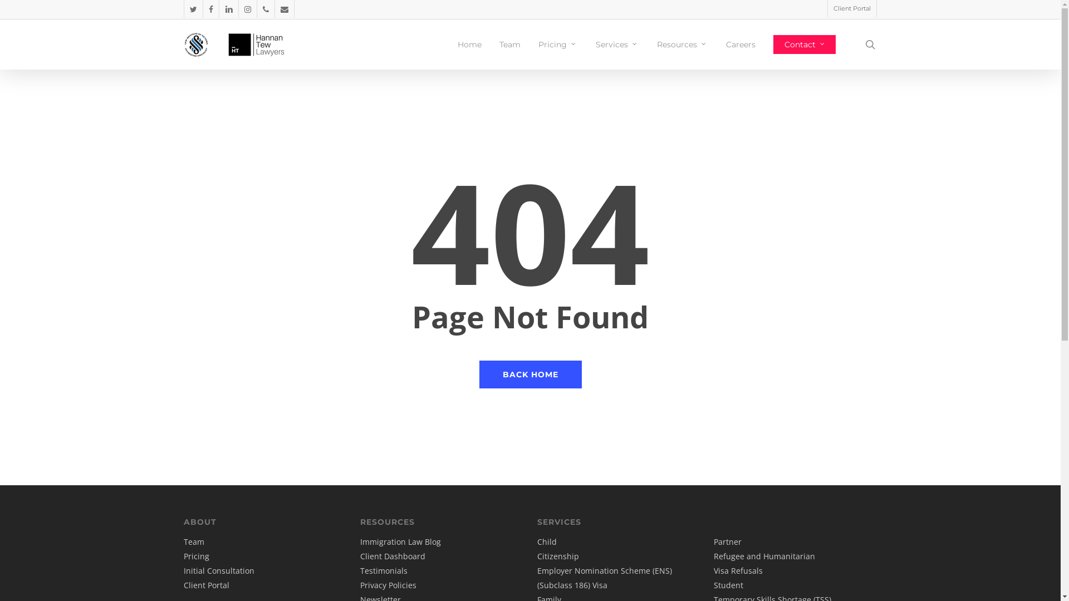 The height and width of the screenshot is (601, 1069). Describe the element at coordinates (529, 374) in the screenshot. I see `'BACK HOME'` at that location.